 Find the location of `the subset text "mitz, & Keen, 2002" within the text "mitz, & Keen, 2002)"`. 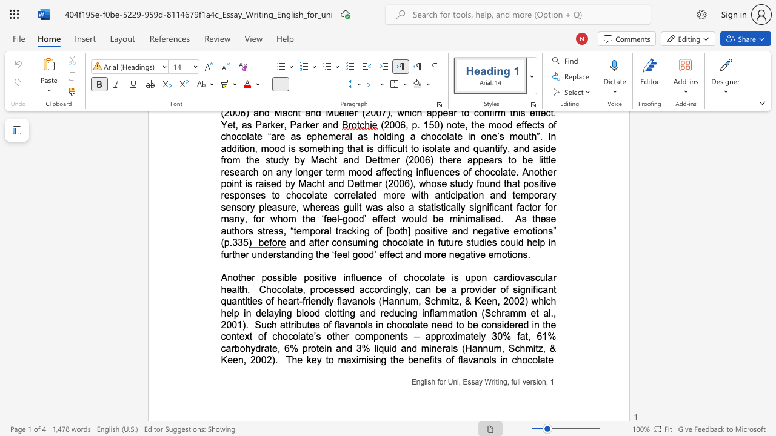

the subset text "mitz, & Keen, 2002" within the text "mitz, & Keen, 2002)" is located at coordinates (525, 348).